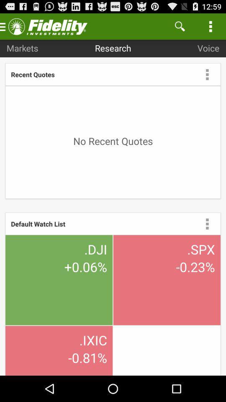 The width and height of the screenshot is (226, 402). Describe the element at coordinates (207, 223) in the screenshot. I see `see more options` at that location.